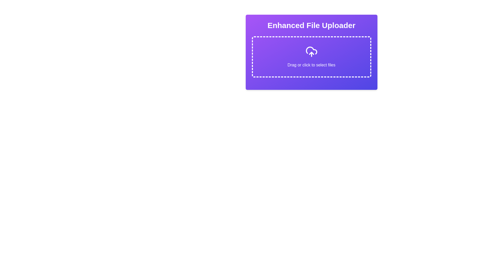 This screenshot has width=494, height=278. I want to click on the upload icon located in the center of the large dashed rectangle labeled 'Drag or click, so click(311, 51).